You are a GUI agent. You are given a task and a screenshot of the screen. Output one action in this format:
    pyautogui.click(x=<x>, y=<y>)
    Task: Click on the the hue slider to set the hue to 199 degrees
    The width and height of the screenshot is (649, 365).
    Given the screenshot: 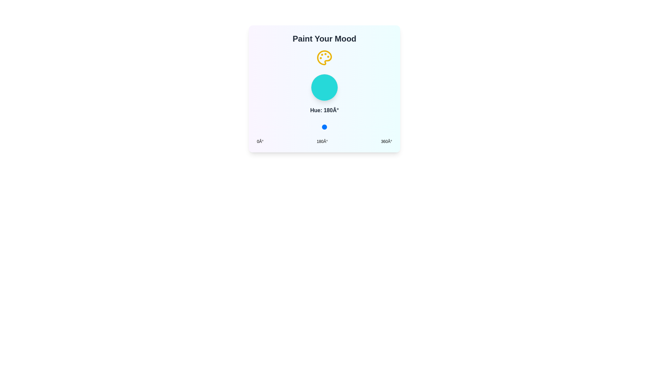 What is the action you would take?
    pyautogui.click(x=332, y=127)
    